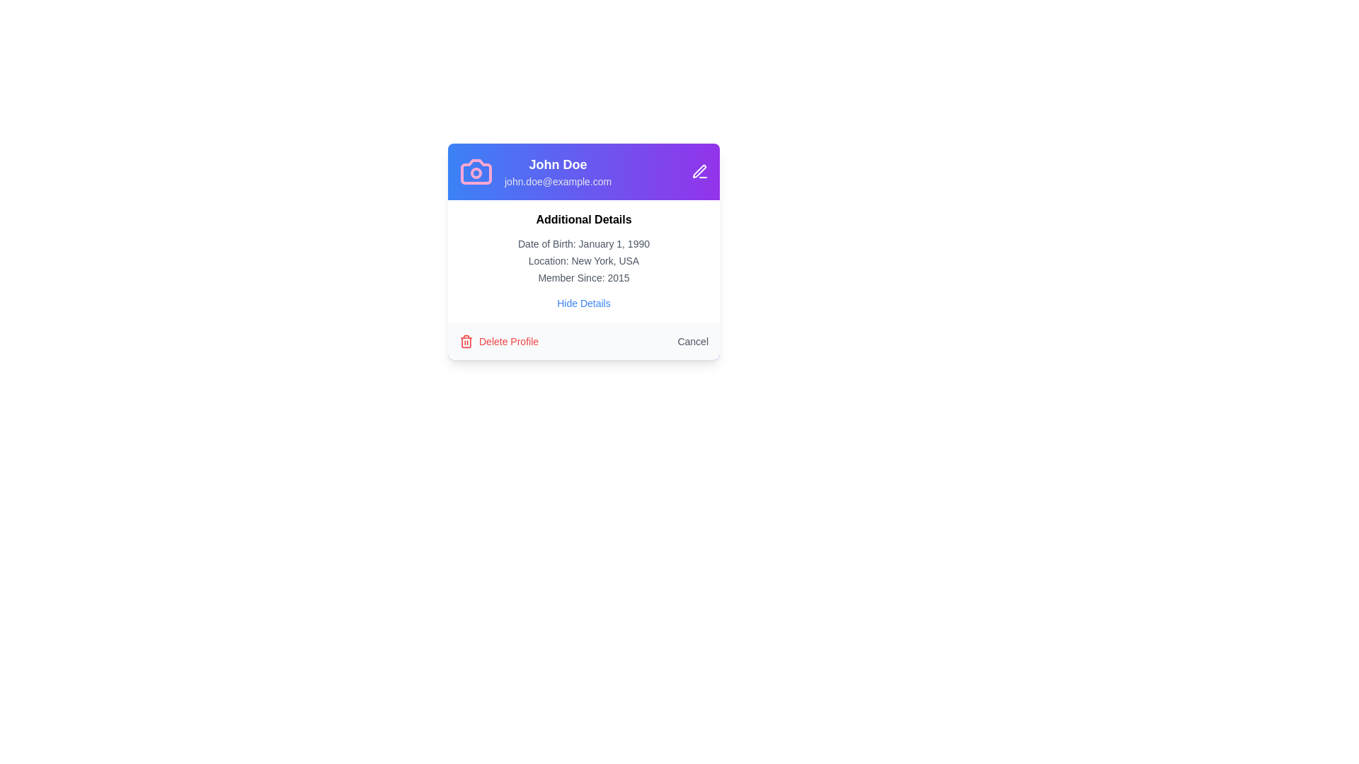 The height and width of the screenshot is (764, 1359). I want to click on the cancel button located at the bottom-right corner of the card section, next to the 'Delete Profile' button, so click(693, 341).